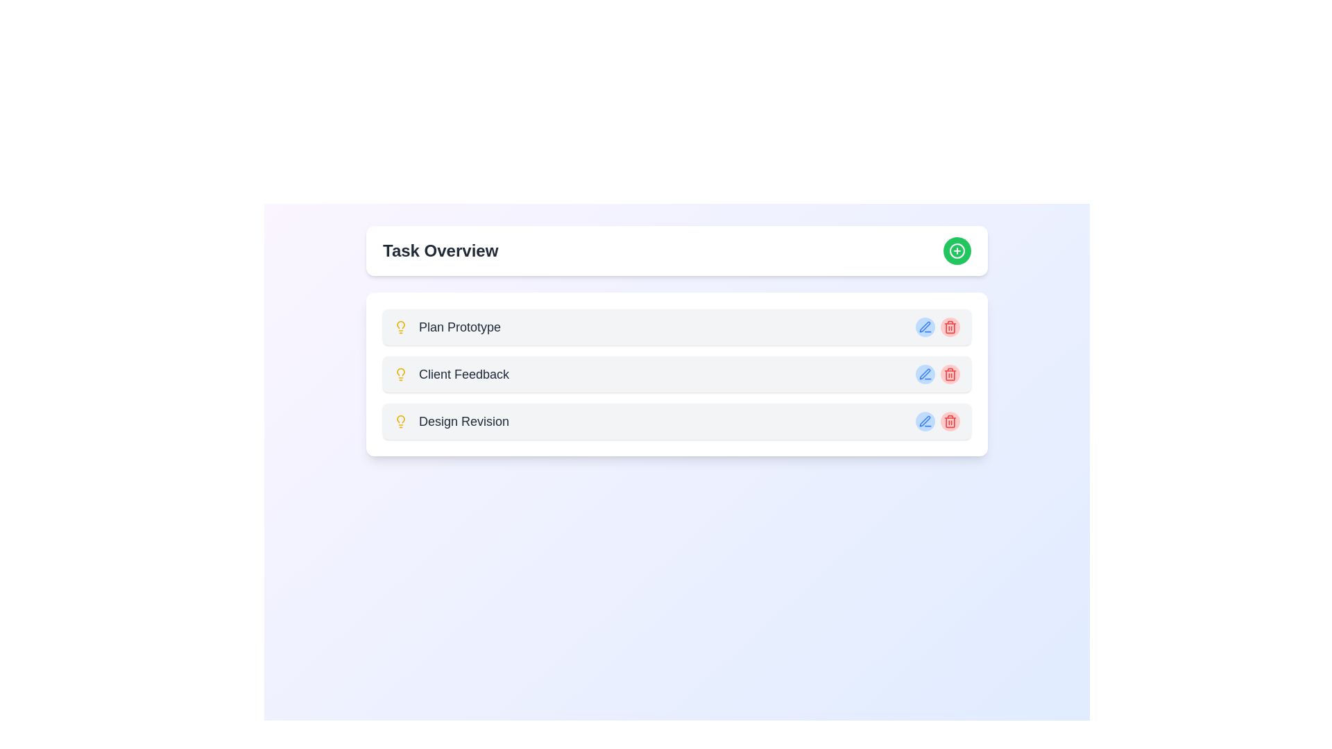 The width and height of the screenshot is (1332, 749). I want to click on the middle body of the trash can icon to initiate the delete function for the corresponding list item, so click(949, 422).